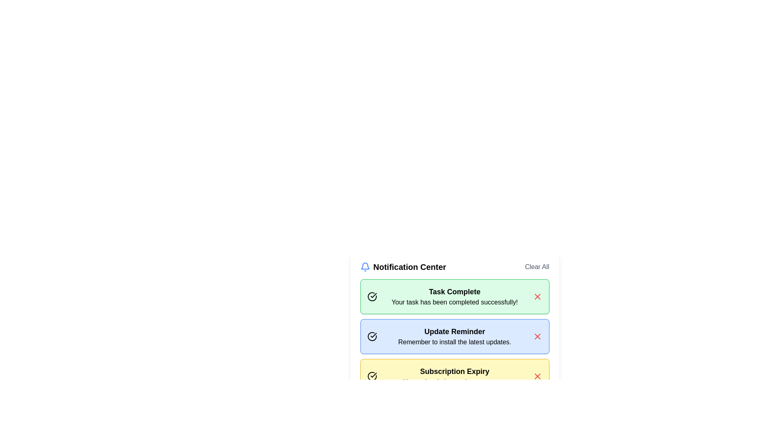 The width and height of the screenshot is (782, 439). I want to click on the circular icon featuring a checkmark, which serves as a confirmation indicator in the 'Subscription Expiry' notification entry in the Notification Center, so click(371, 376).